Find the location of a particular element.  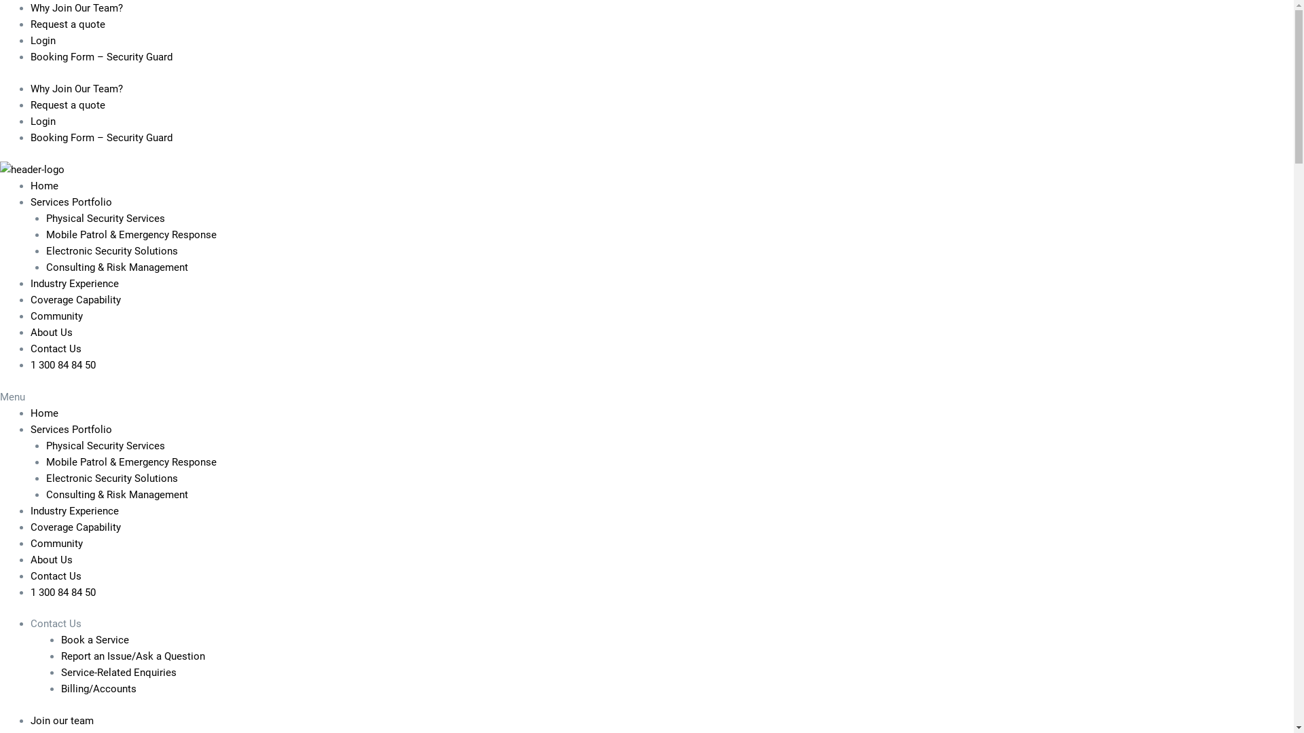

'Physical Security Services' is located at coordinates (46, 445).